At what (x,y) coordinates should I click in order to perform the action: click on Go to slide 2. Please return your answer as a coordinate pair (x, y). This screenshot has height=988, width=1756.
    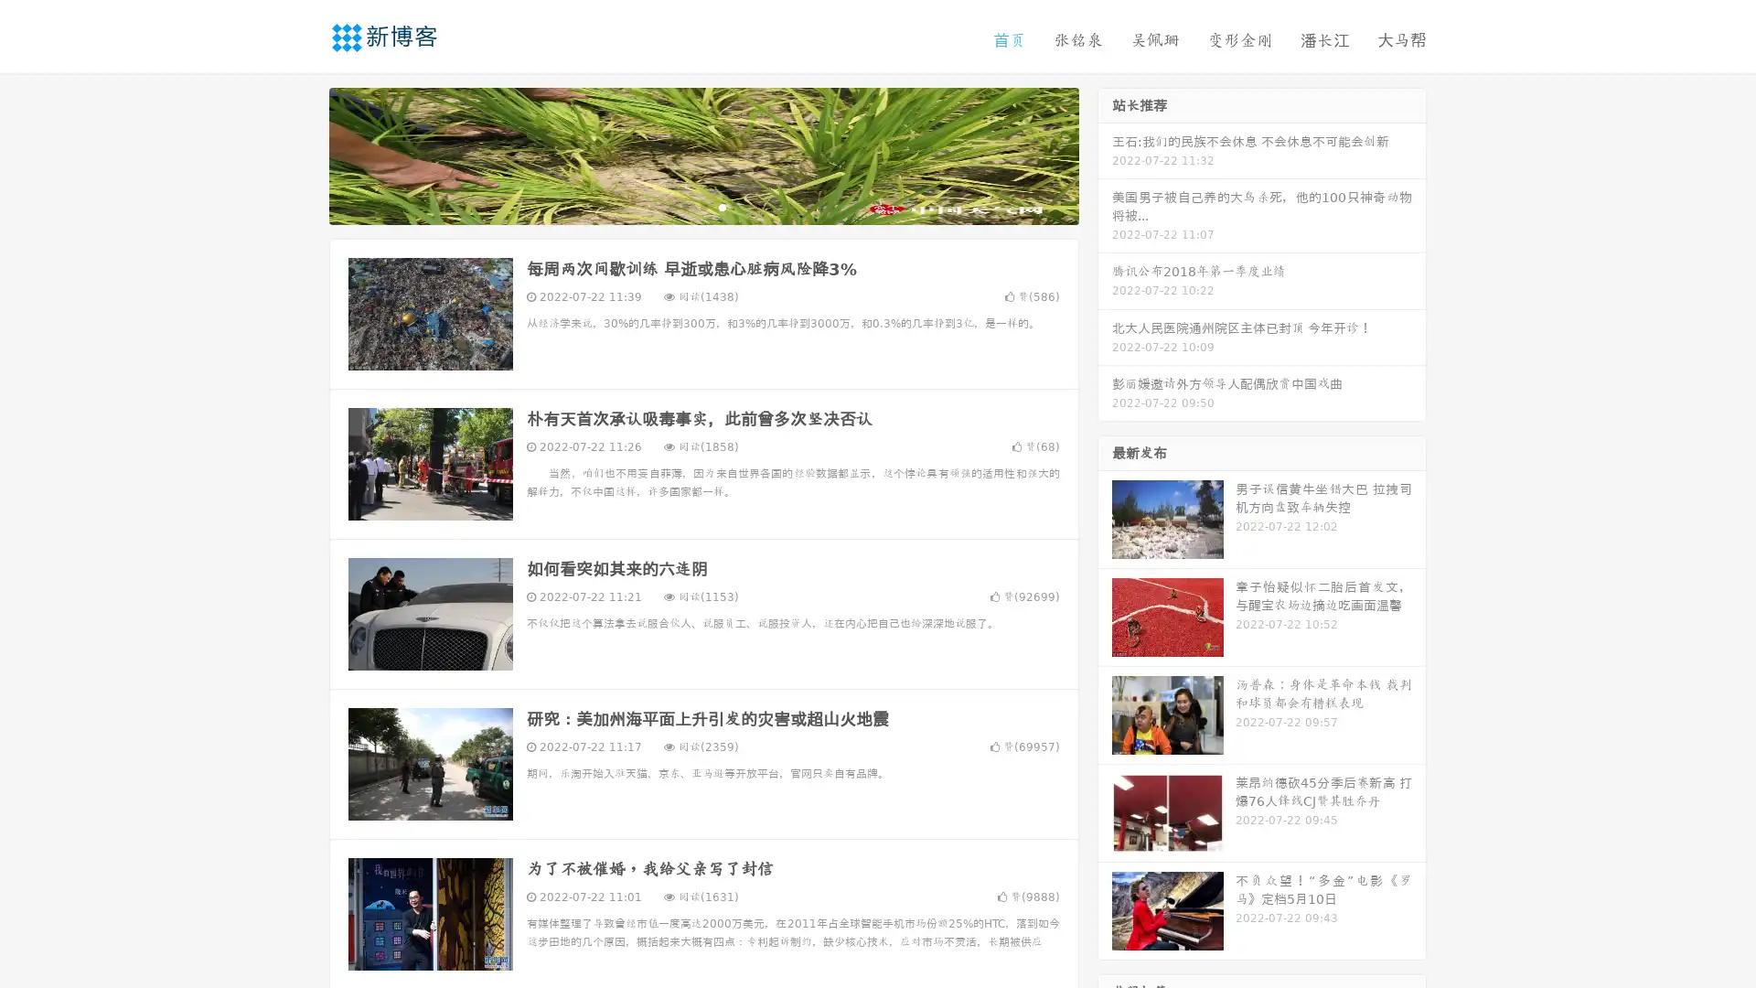
    Looking at the image, I should click on (702, 206).